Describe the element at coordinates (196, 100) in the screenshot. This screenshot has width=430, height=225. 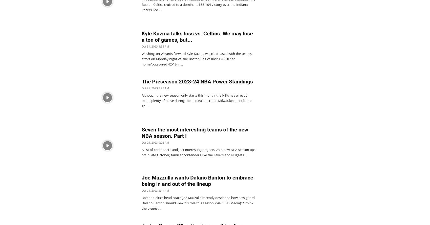
I see `'Although the new season only starts this month, the NBA has already made plenty of noise during the preseason. Here, Milwaukee decided to go...'` at that location.